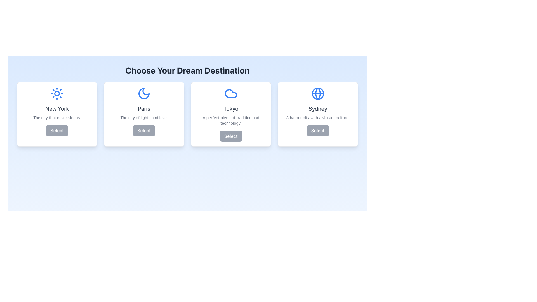 The image size is (537, 302). I want to click on the central circular part of the sun icon located above the 'New York' card, which is the first card in a row of four cards, so click(57, 93).